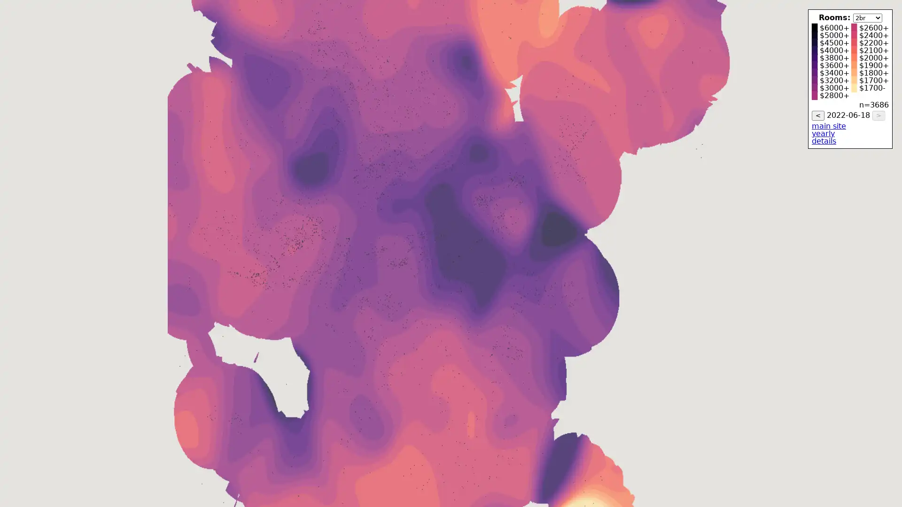 This screenshot has height=507, width=902. I want to click on >, so click(878, 115).